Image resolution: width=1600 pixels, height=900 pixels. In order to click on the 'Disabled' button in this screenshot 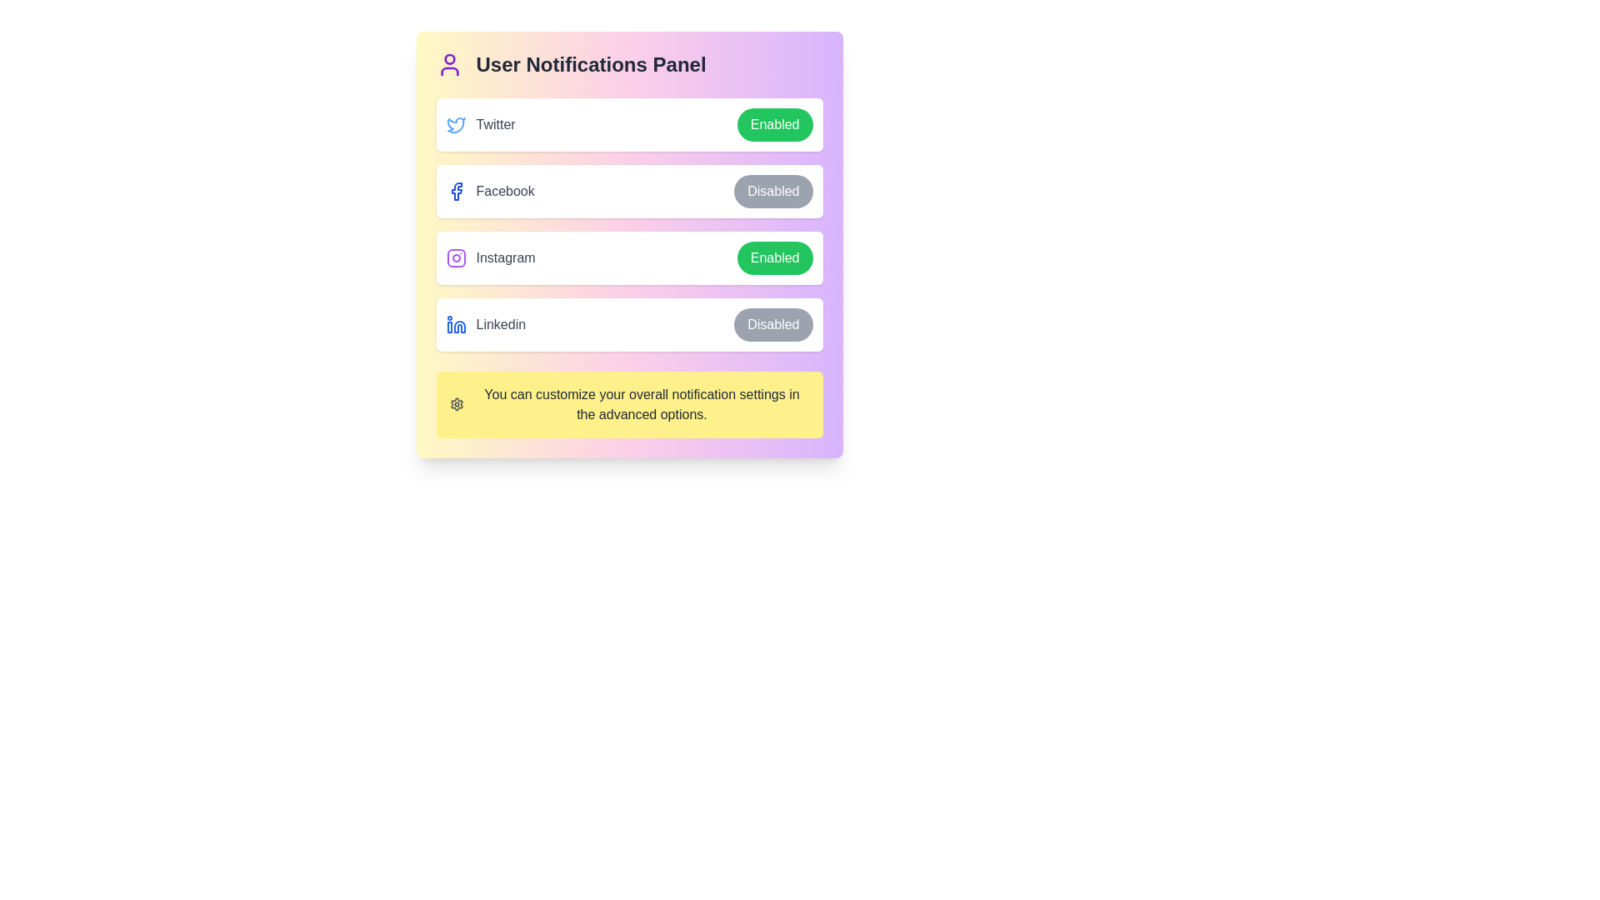, I will do `click(772, 324)`.